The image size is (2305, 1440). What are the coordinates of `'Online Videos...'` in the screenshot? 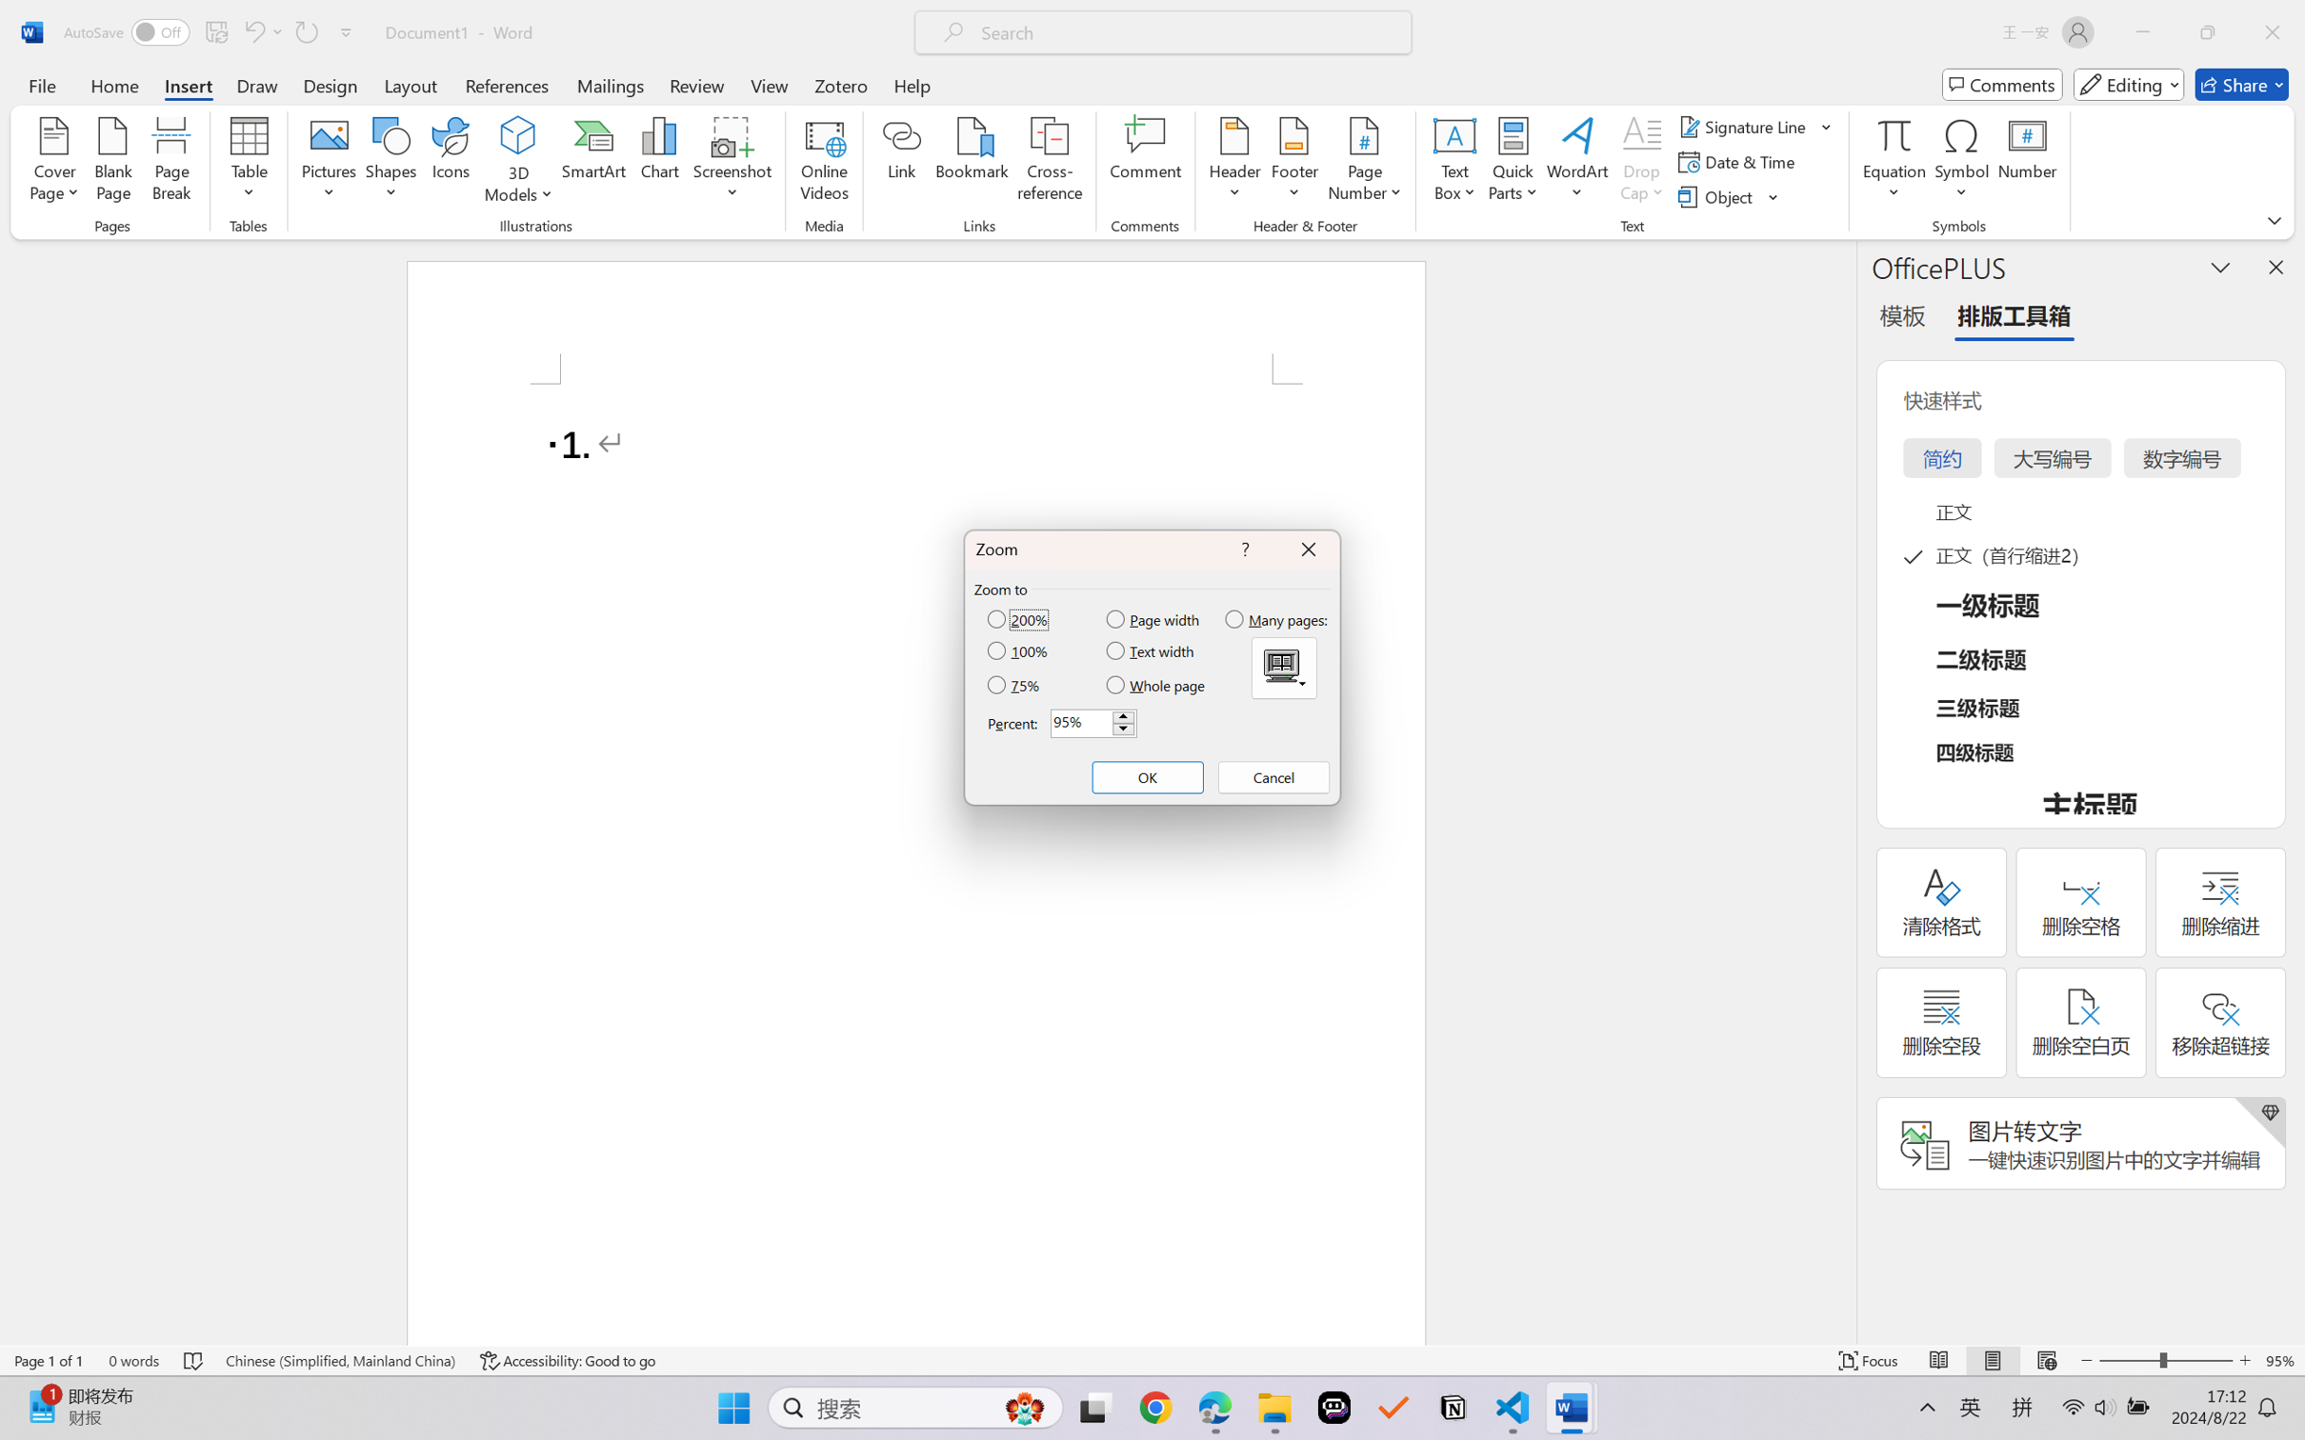 It's located at (825, 162).